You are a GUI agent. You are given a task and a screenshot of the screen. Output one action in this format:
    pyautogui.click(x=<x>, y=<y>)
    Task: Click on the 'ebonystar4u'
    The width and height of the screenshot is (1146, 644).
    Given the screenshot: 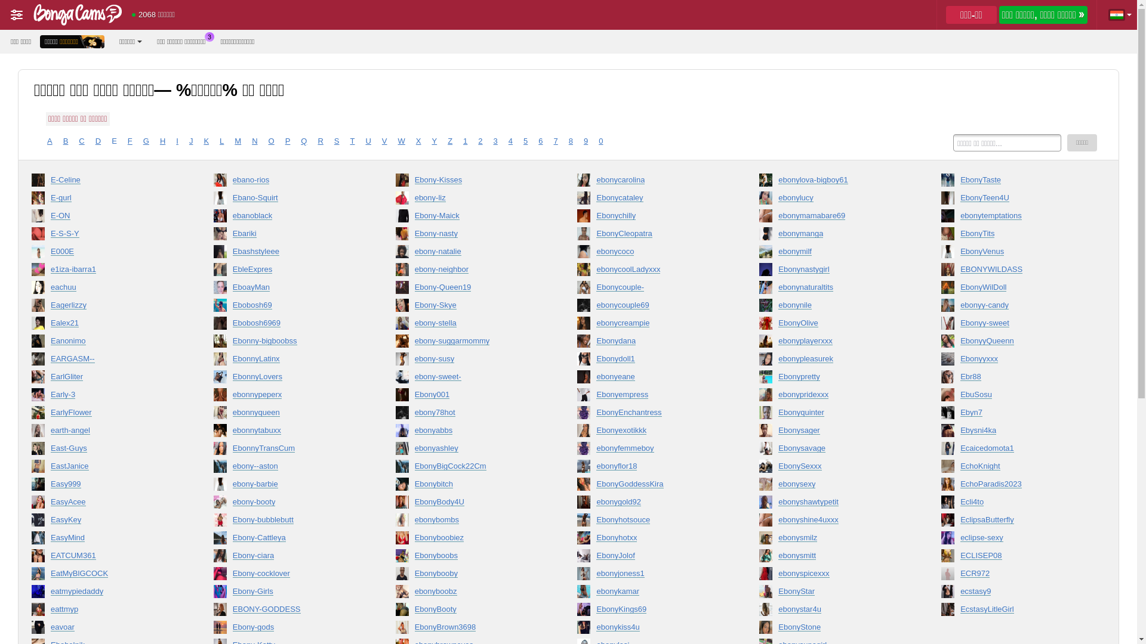 What is the action you would take?
    pyautogui.click(x=833, y=612)
    